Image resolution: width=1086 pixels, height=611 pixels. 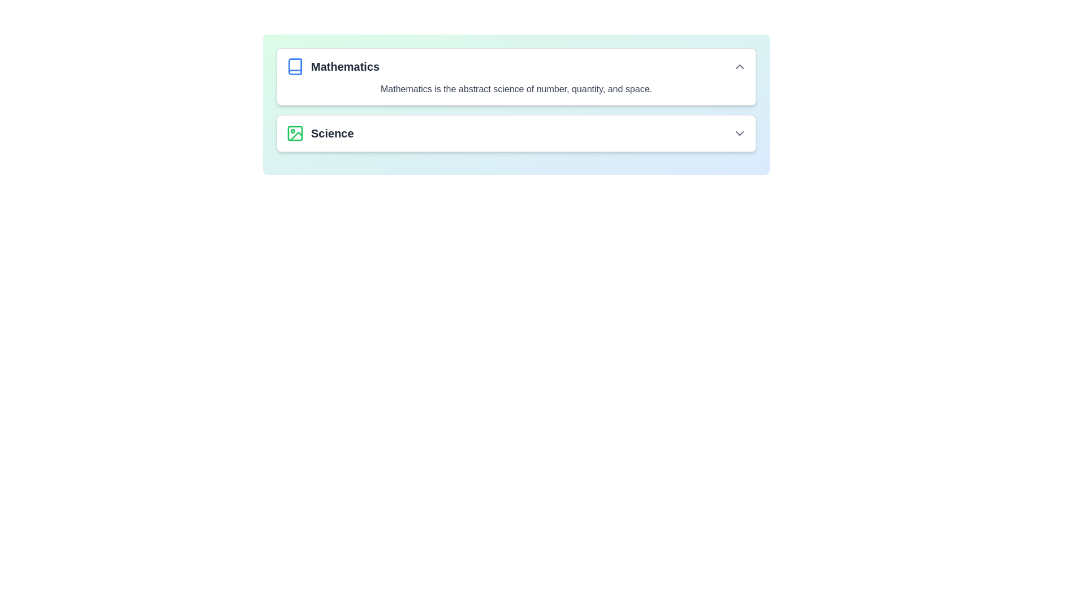 What do you see at coordinates (740, 67) in the screenshot?
I see `the Chevron icon located at the rightmost area of the 'Mathematics' header` at bounding box center [740, 67].